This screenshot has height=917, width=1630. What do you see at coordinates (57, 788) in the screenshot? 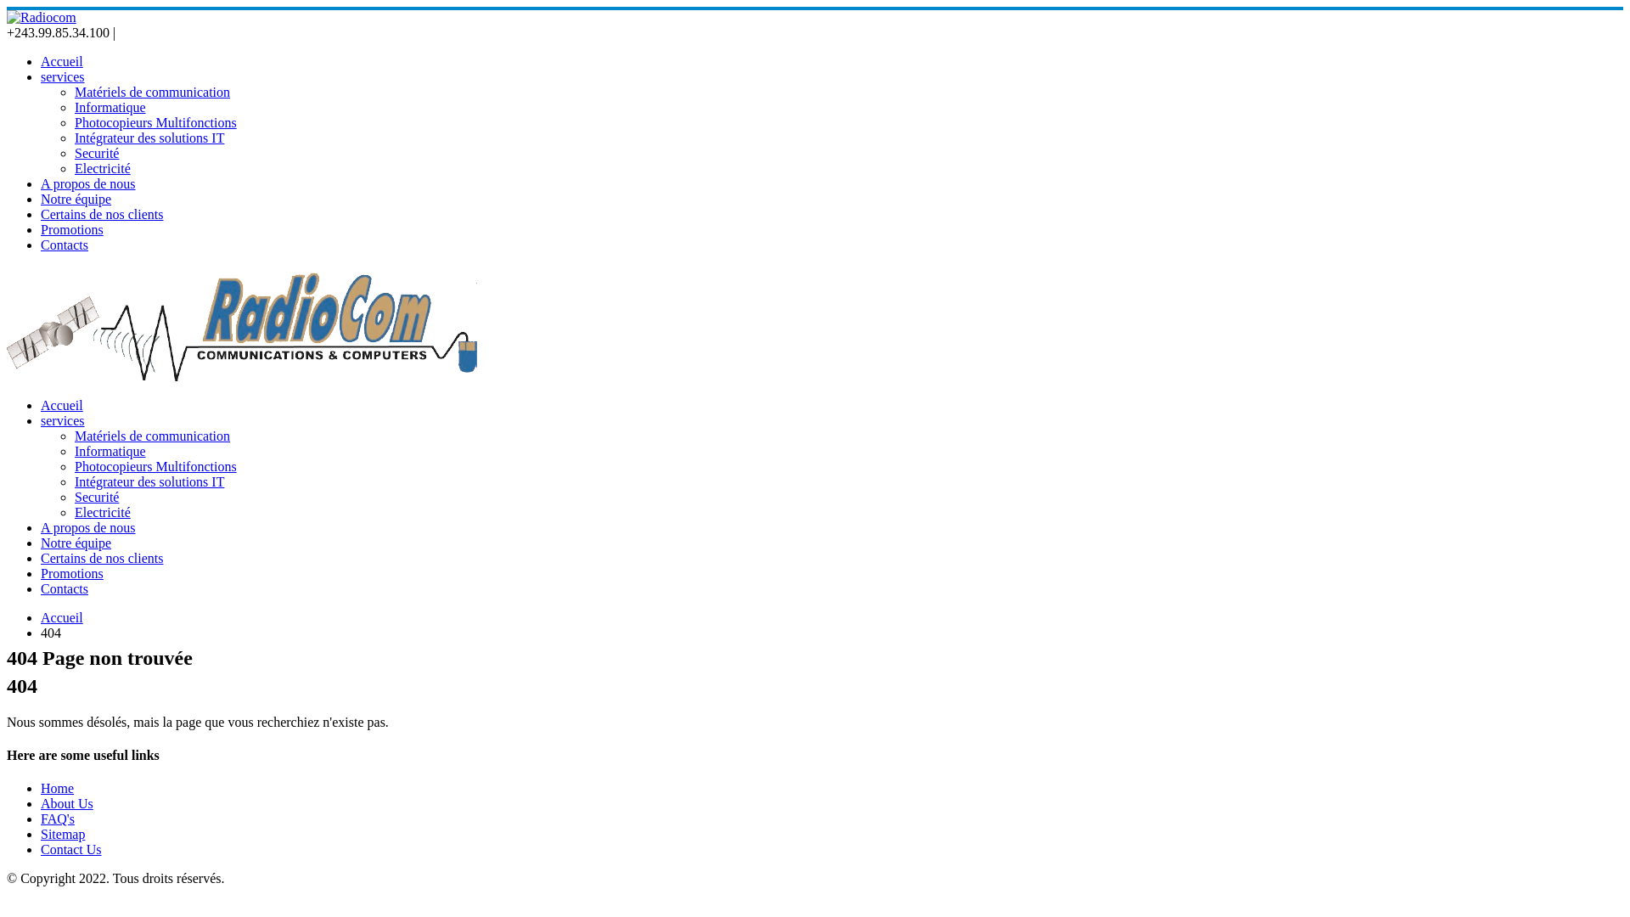
I see `'Home'` at bounding box center [57, 788].